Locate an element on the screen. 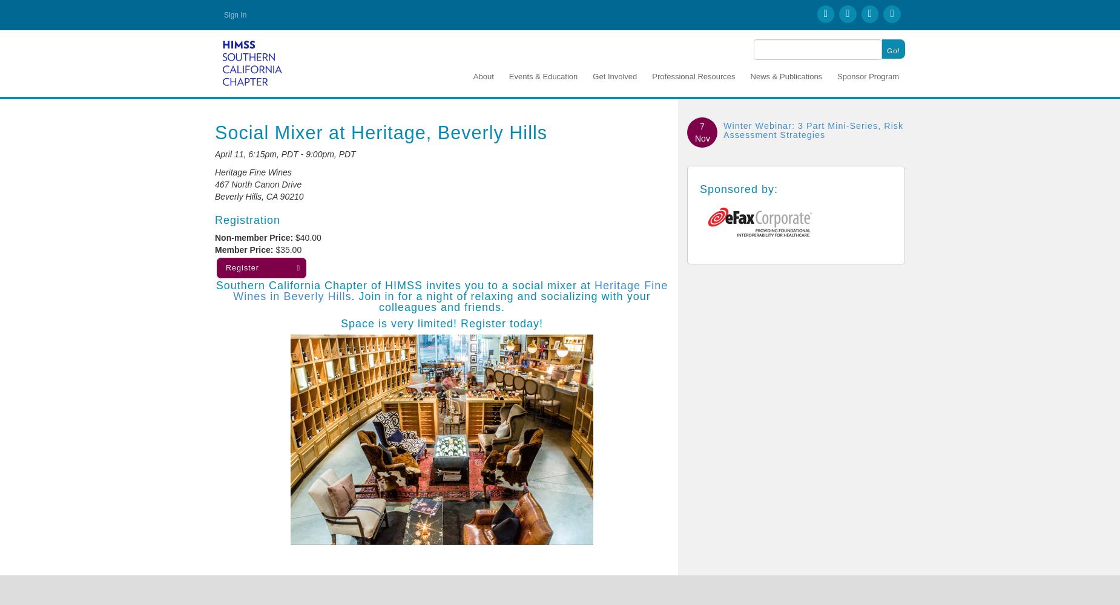 The image size is (1120, 605). 'Get Involved' is located at coordinates (614, 76).